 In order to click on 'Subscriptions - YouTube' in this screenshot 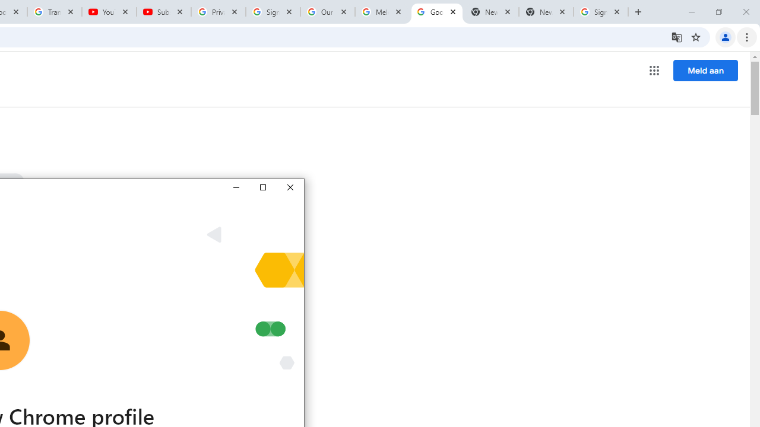, I will do `click(163, 12)`.